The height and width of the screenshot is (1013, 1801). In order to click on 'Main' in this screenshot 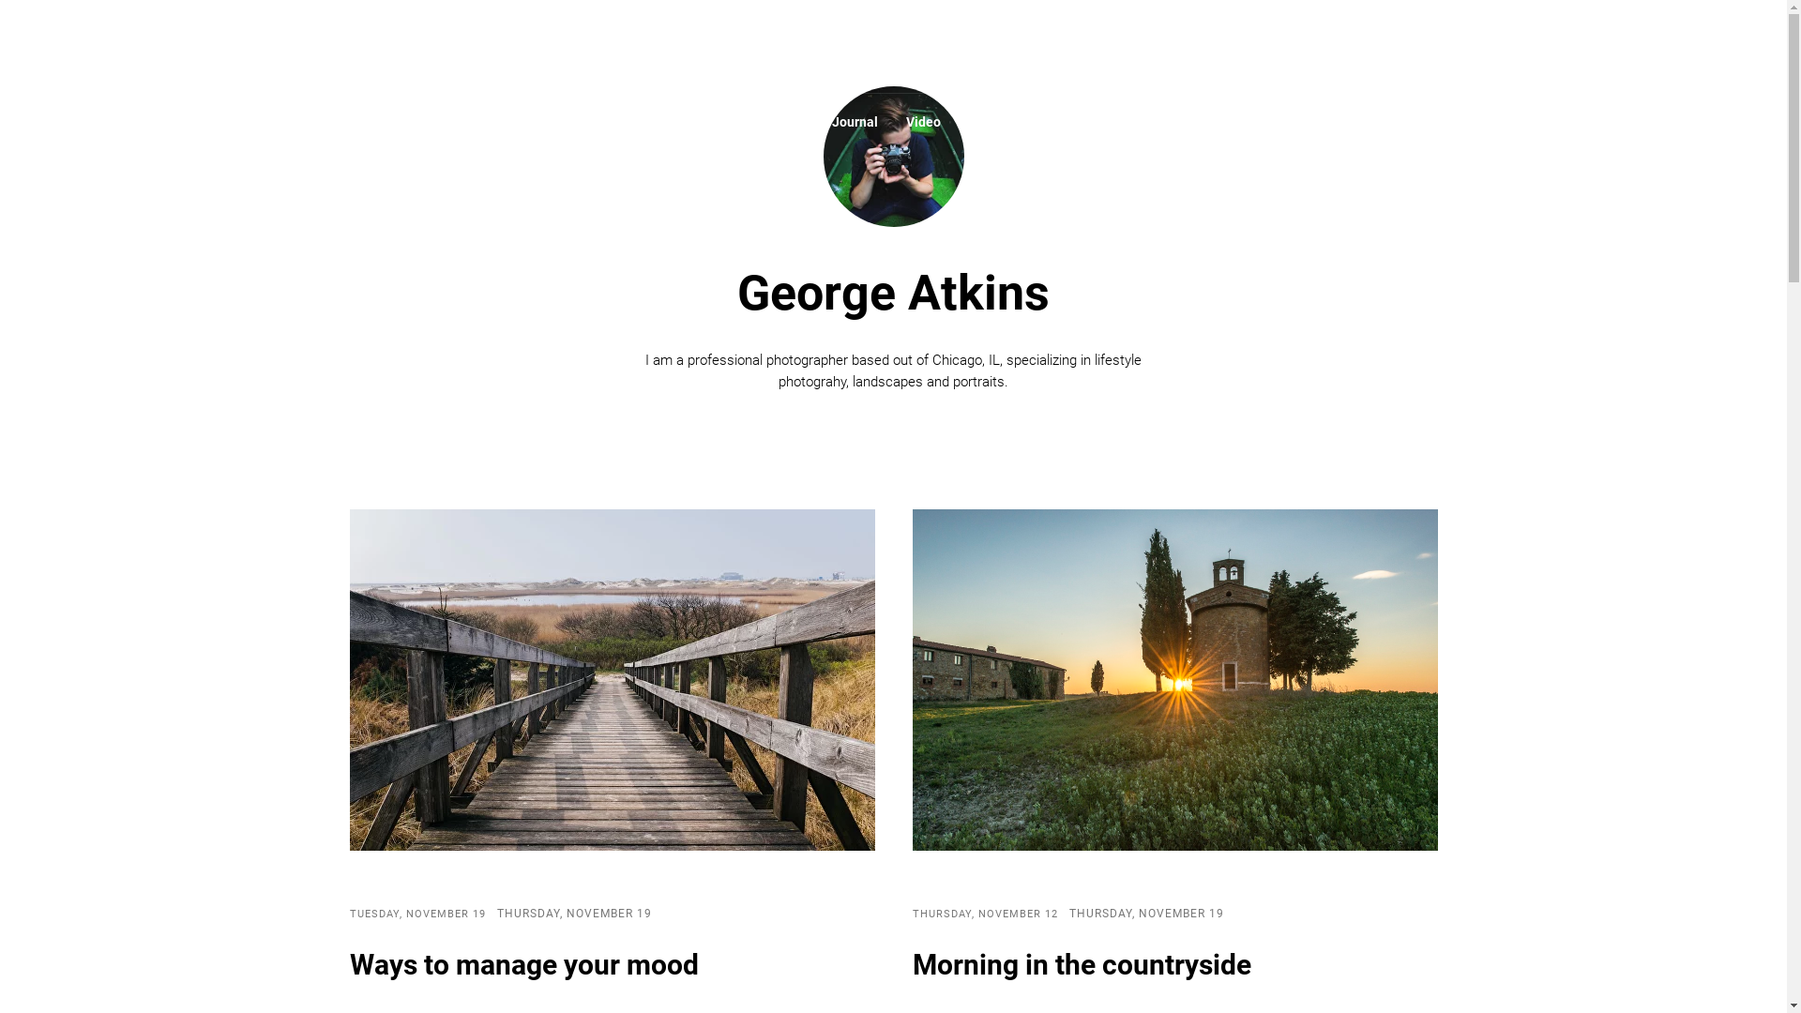, I will do `click(707, 122)`.